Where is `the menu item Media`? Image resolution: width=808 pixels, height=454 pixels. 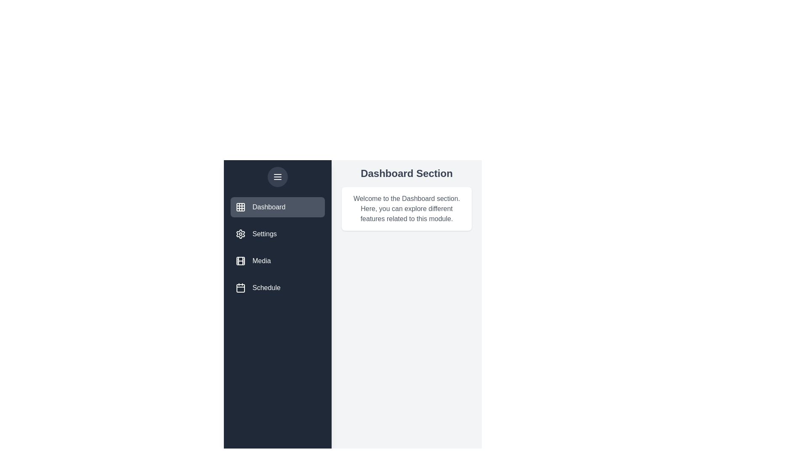 the menu item Media is located at coordinates (278, 261).